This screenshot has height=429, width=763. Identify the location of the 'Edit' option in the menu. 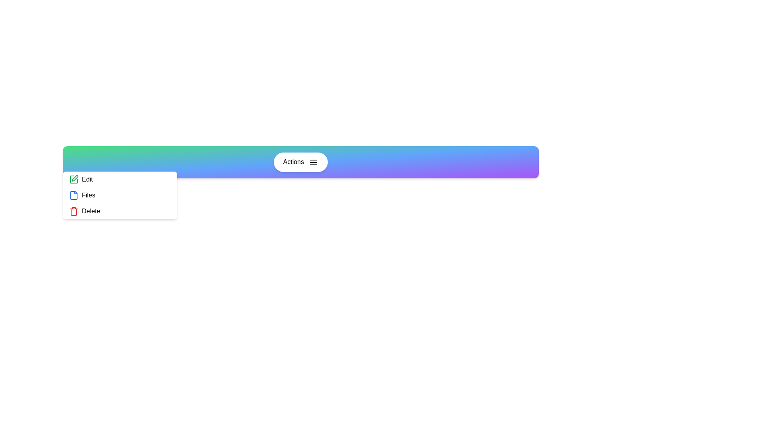
(120, 179).